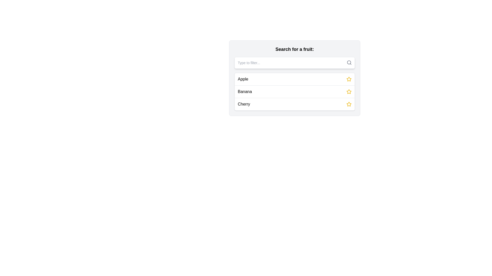  Describe the element at coordinates (349, 104) in the screenshot. I see `the favorite star icon for the item 'Banana'` at that location.